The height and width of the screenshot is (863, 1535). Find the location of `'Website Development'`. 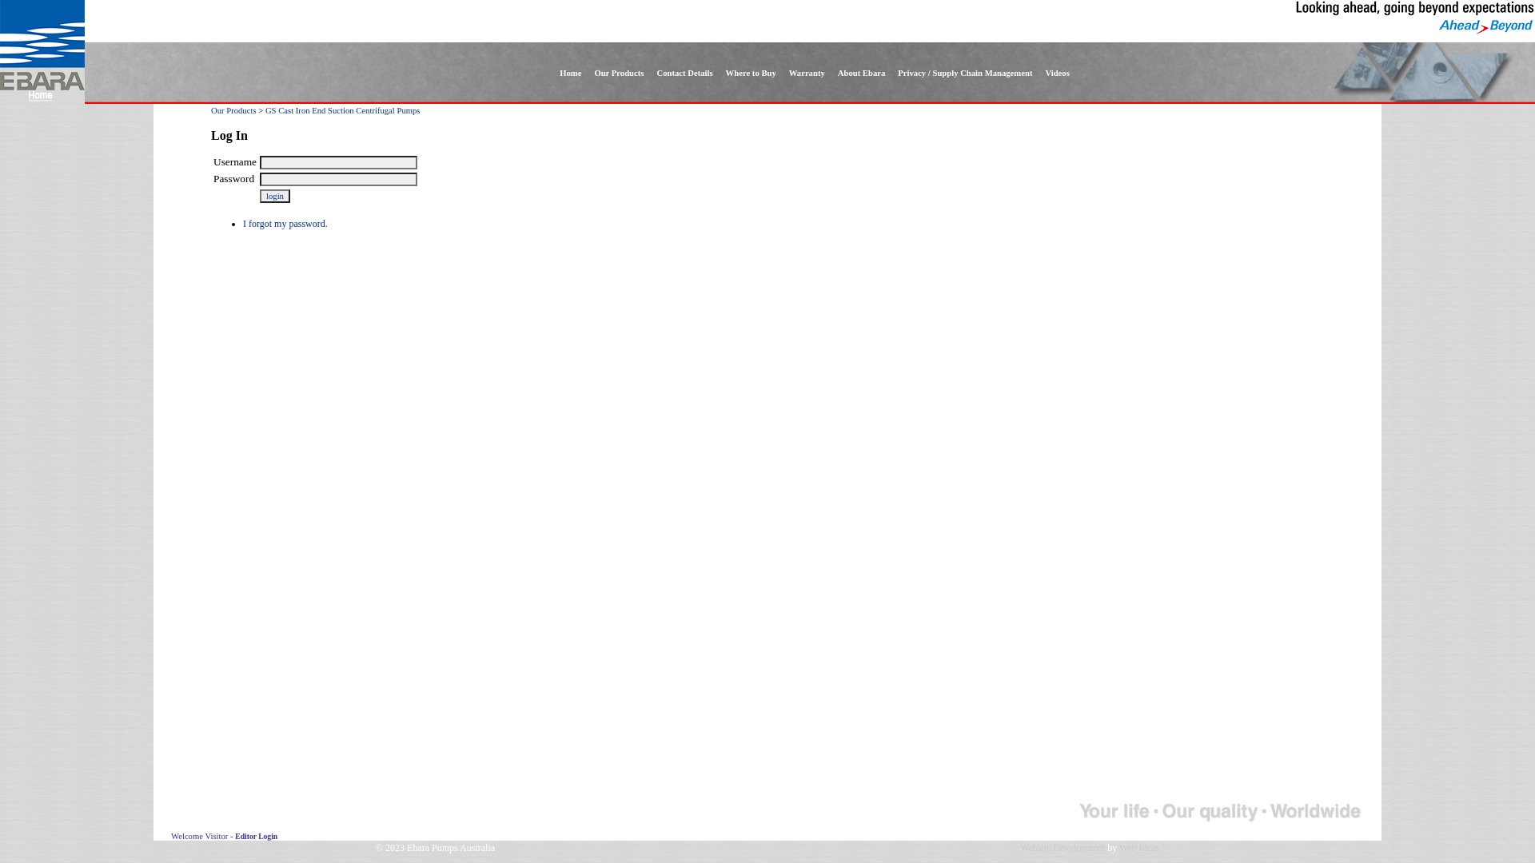

'Website Development' is located at coordinates (1063, 846).